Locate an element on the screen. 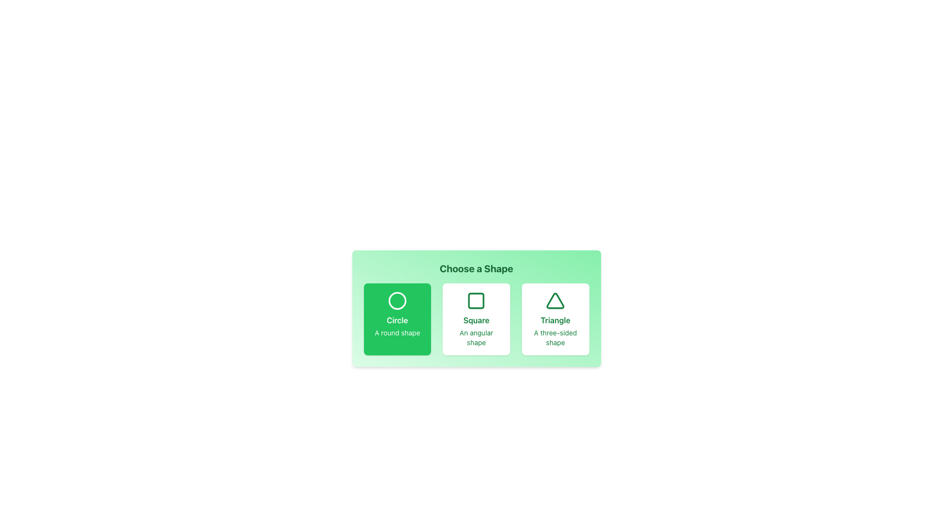 The width and height of the screenshot is (933, 525). the text label reading 'Circle', which is styled in bold font and located at the center of a green rounded rectangle in the leftmost position among three similar rectangles under the 'Choose a Shape' heading is located at coordinates (397, 320).